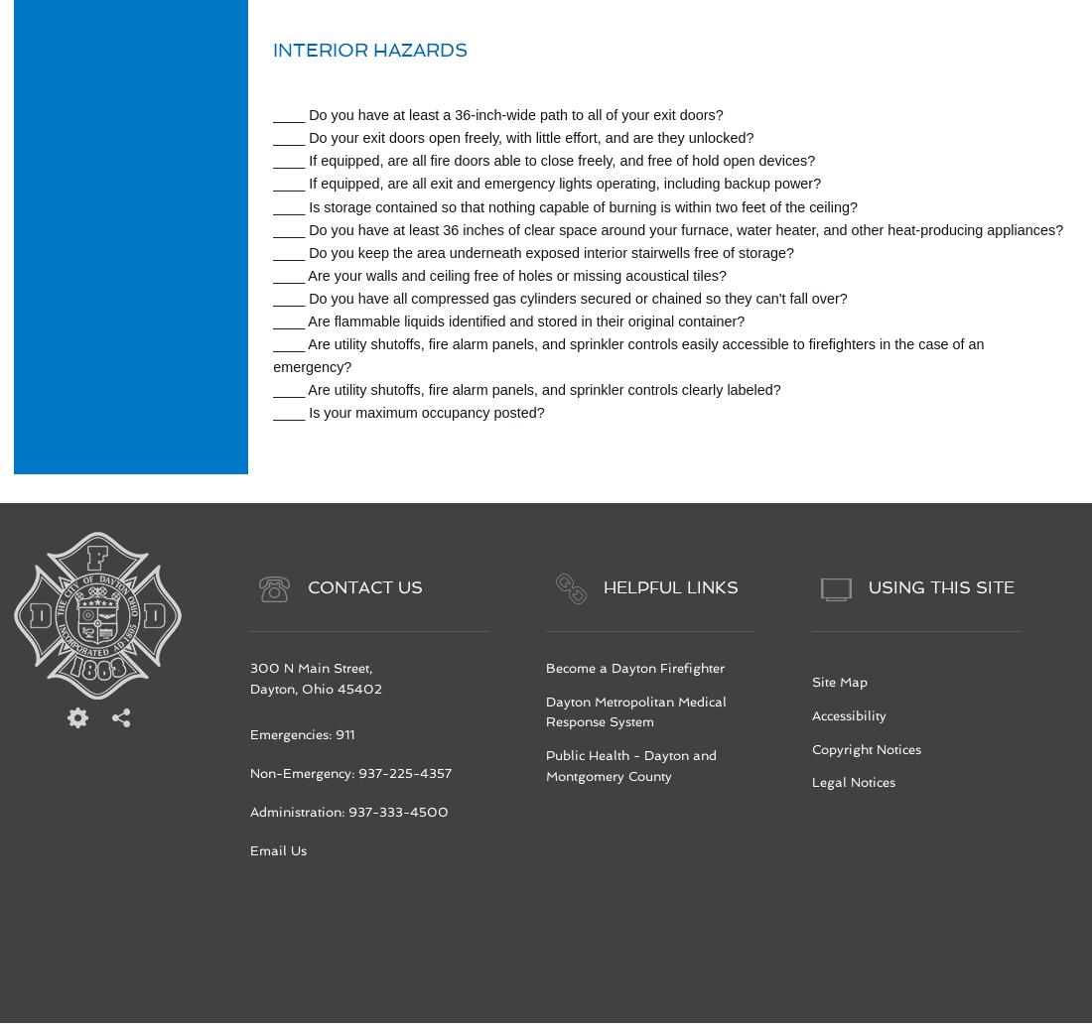 The width and height of the screenshot is (1092, 1026). I want to click on 'Using This Site', so click(868, 586).